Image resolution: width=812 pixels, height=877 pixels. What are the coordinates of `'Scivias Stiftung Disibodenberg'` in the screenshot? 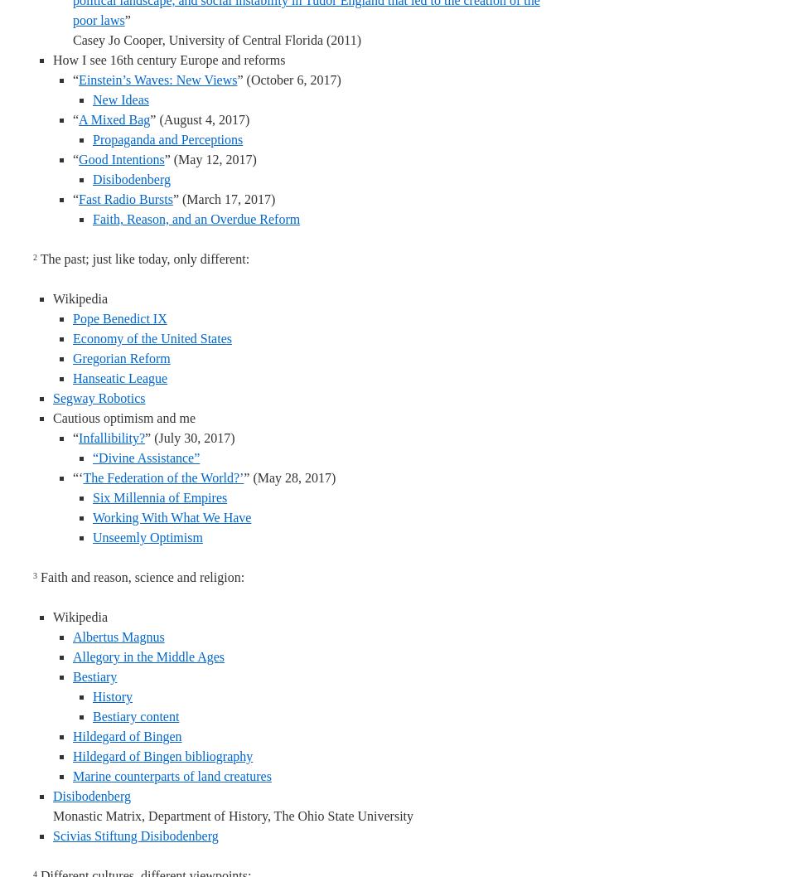 It's located at (135, 835).